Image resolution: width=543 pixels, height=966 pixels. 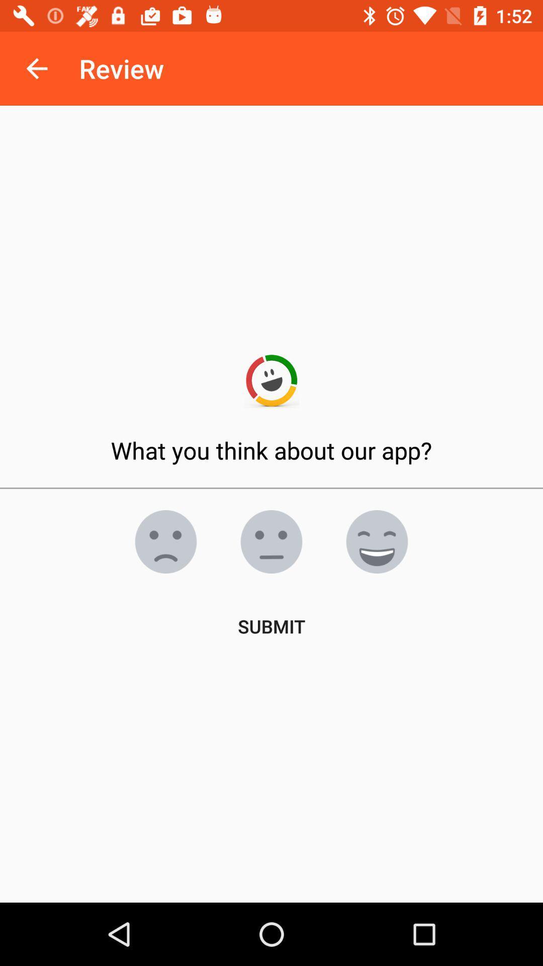 What do you see at coordinates (165, 541) in the screenshot?
I see `the item above the submit item` at bounding box center [165, 541].